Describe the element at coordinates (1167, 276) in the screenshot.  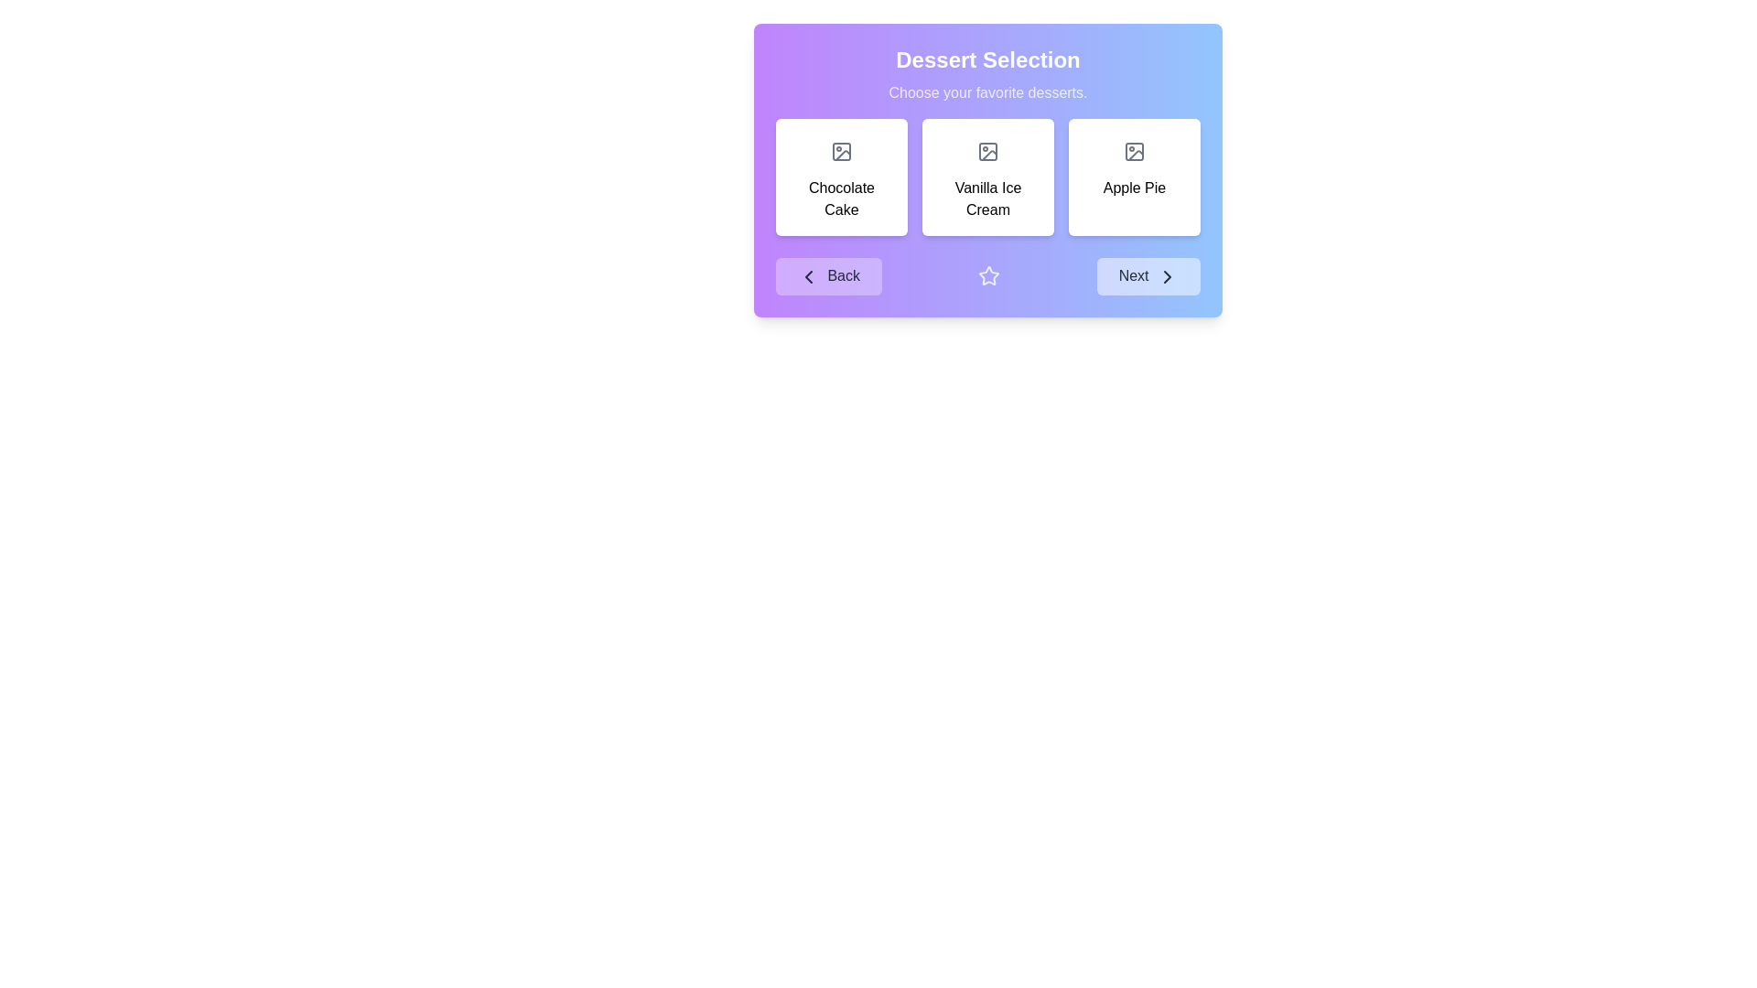
I see `the rightward arrow icon associated with the 'Next' button located at the lower-right corner of the interface` at that location.